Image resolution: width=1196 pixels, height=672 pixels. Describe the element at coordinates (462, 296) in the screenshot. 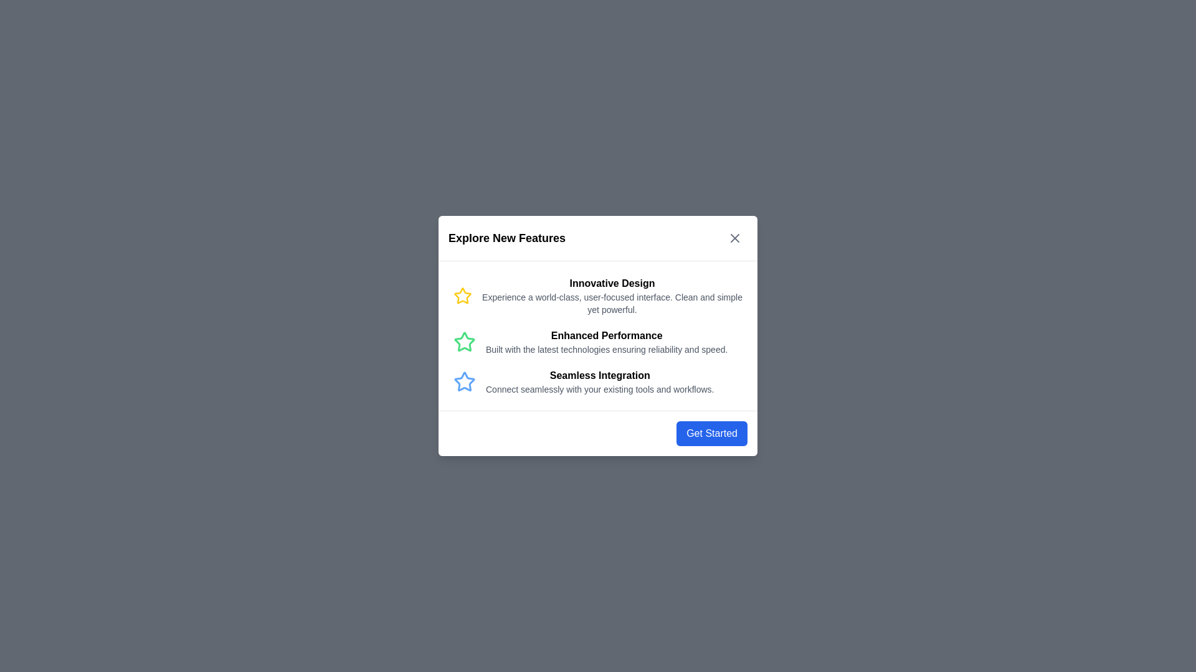

I see `the visual representation of the first star icon indicating 'Innovative Design', located to the left of its title` at that location.